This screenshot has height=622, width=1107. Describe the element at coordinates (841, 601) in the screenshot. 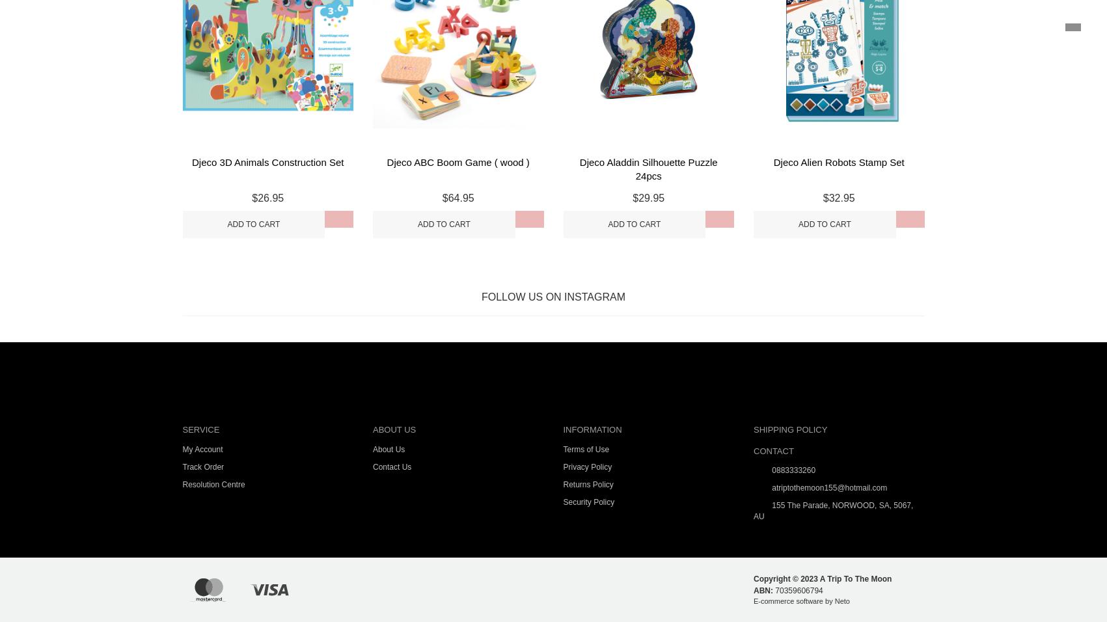

I see `'Neto'` at that location.